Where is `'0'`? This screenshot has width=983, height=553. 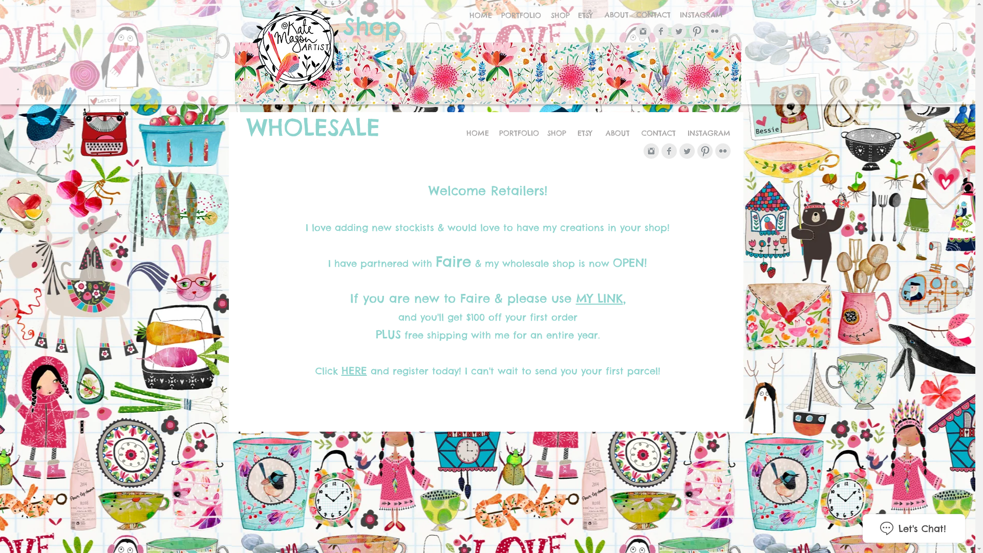
'0' is located at coordinates (729, 94).